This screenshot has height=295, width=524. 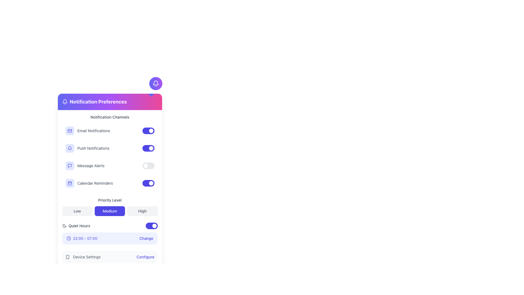 I want to click on the small circular white toggle knob located near the bottom of the interface within the 'Quiet Hours' toggle switch, so click(x=154, y=226).